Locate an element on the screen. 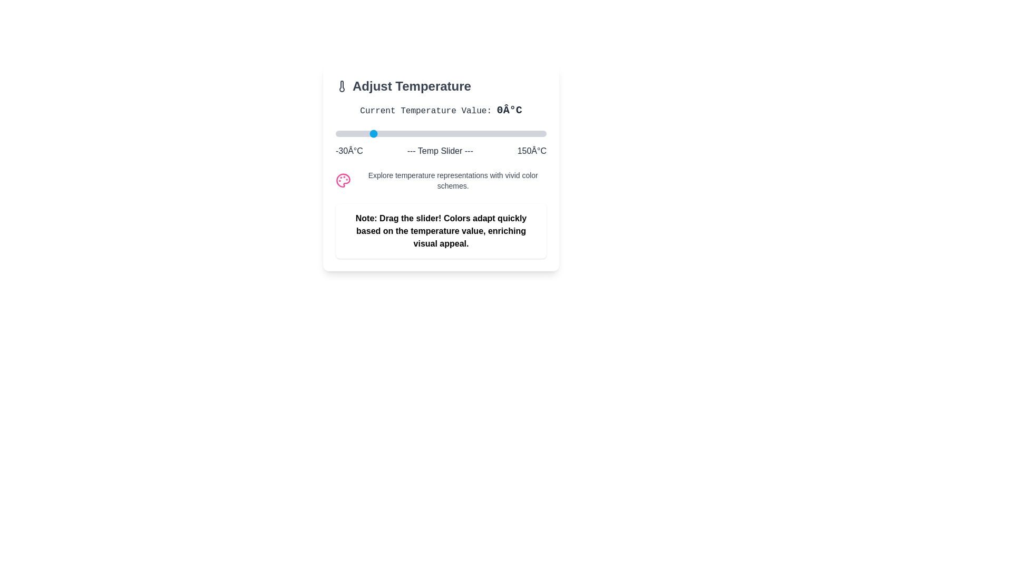 This screenshot has height=569, width=1012. the temperature slider to set the temperature to 148°C is located at coordinates (544, 133).